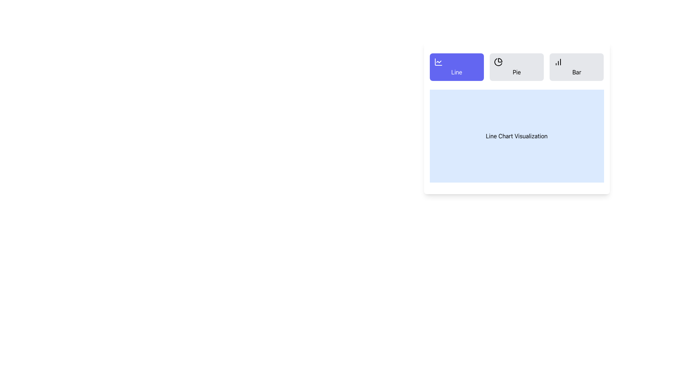  Describe the element at coordinates (456, 72) in the screenshot. I see `the text label that indicates the 'Line' chart option in the set of chart selection tabs` at that location.